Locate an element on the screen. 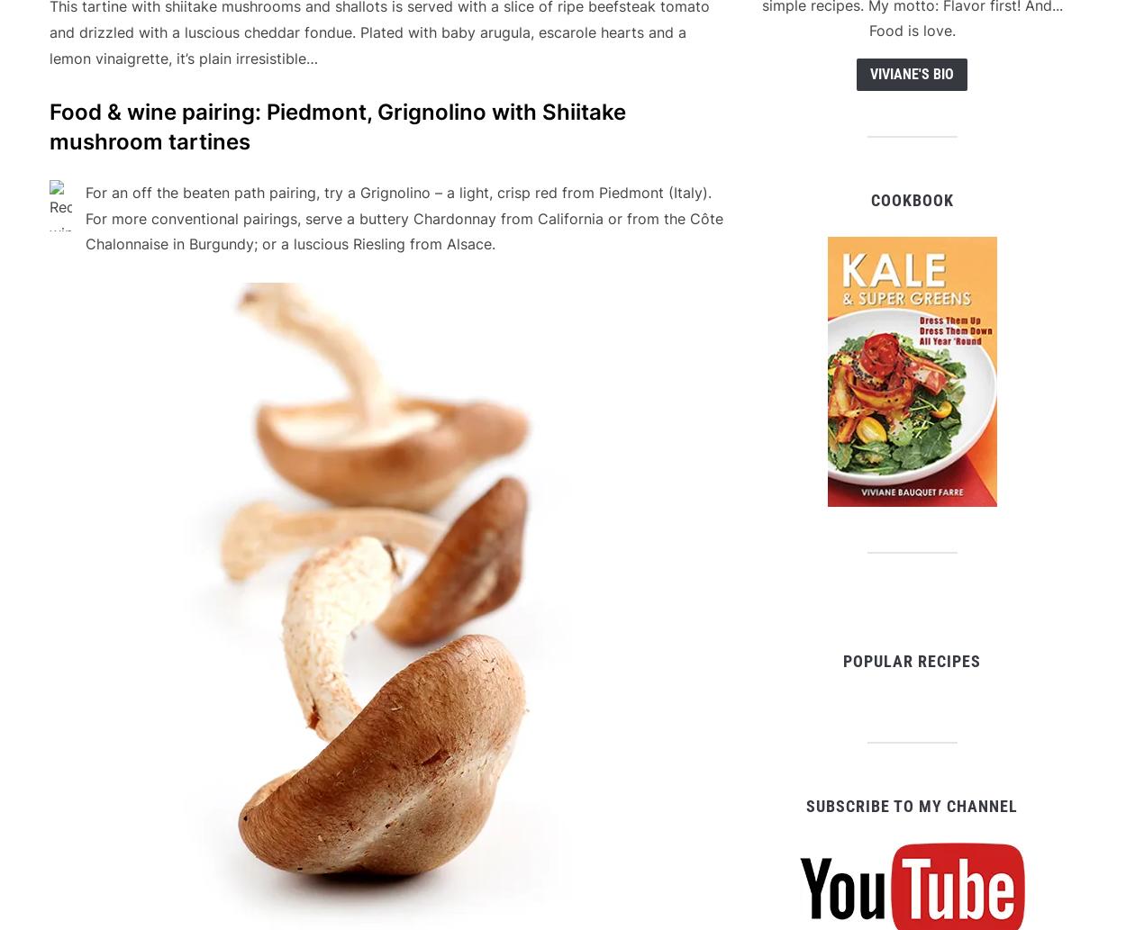  'Main Courses' is located at coordinates (215, 854).